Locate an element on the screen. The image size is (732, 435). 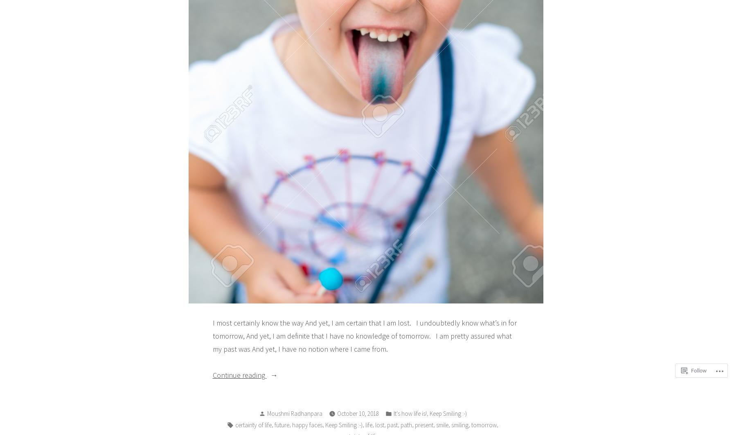
'Follow' is located at coordinates (698, 370).